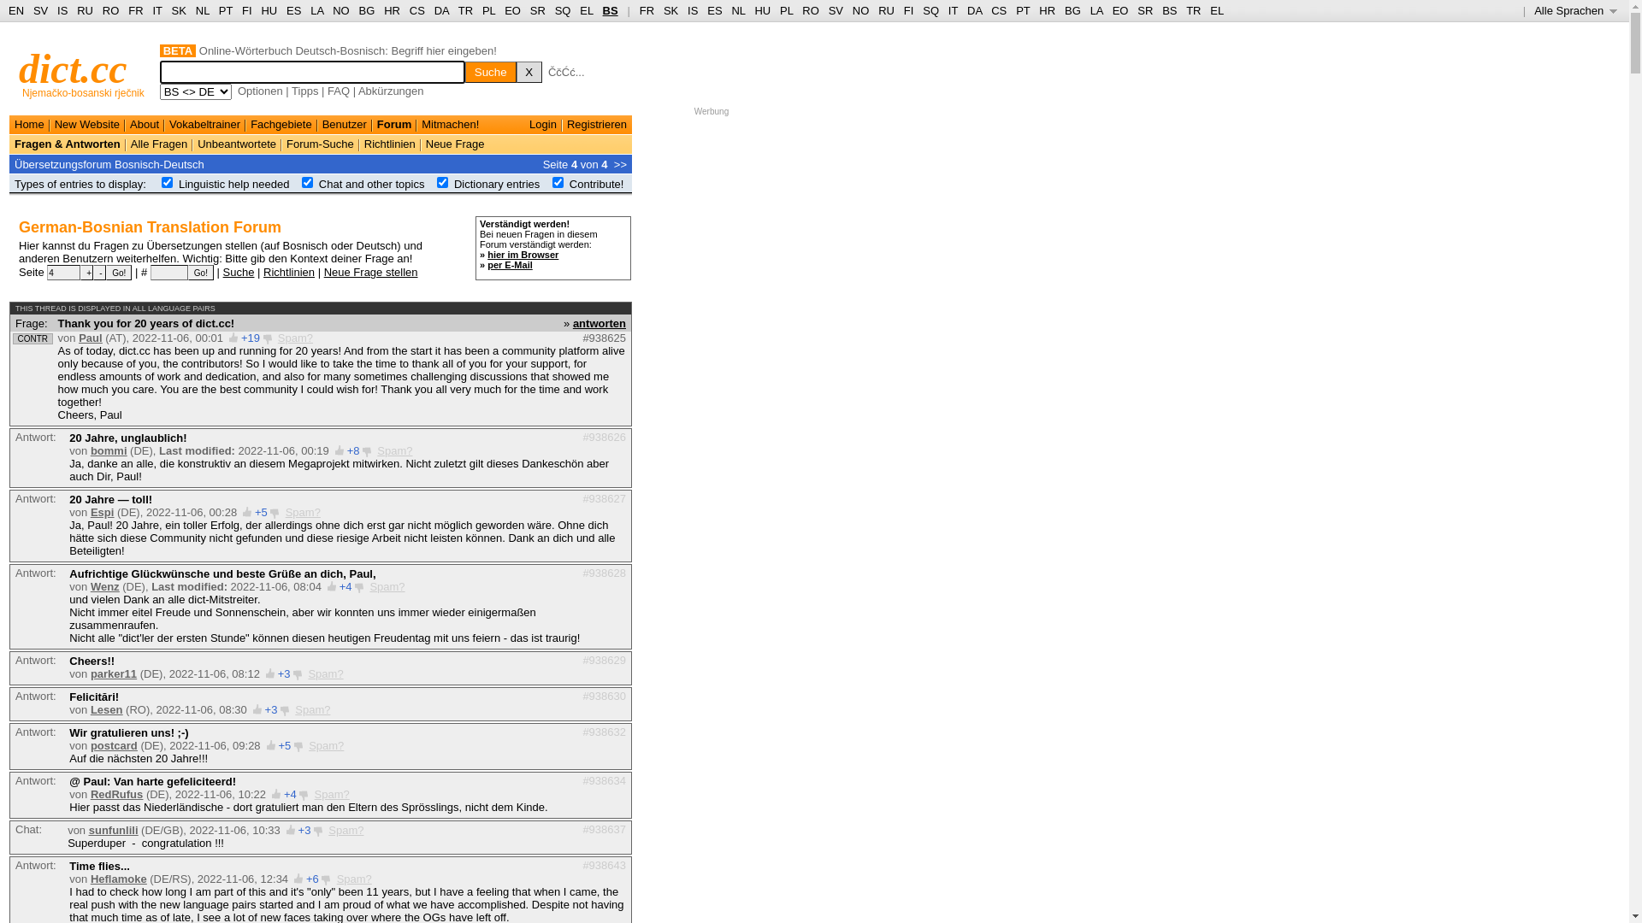 The width and height of the screenshot is (1642, 923). Describe the element at coordinates (579, 10) in the screenshot. I see `'EL'` at that location.